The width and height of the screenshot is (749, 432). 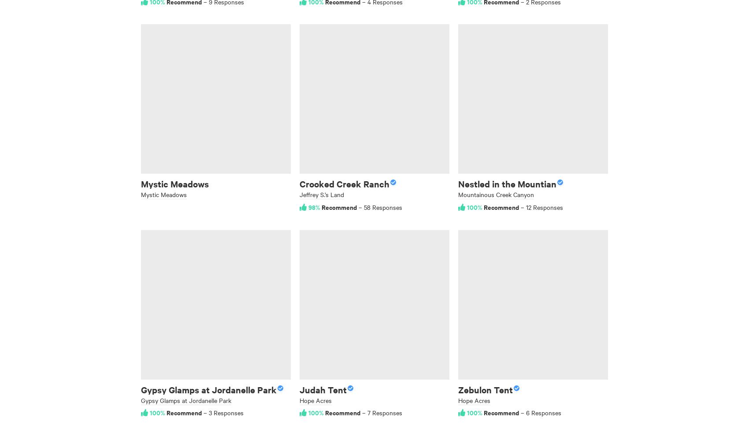 I want to click on 'Judah Tent', so click(x=300, y=389).